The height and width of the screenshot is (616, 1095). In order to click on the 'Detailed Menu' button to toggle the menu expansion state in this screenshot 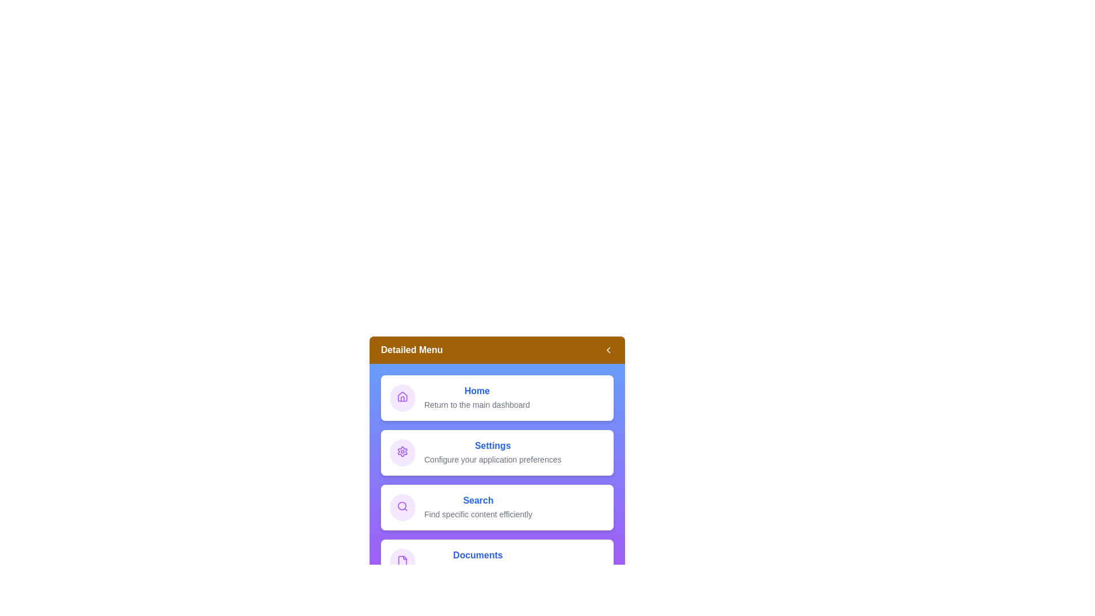, I will do `click(497, 349)`.